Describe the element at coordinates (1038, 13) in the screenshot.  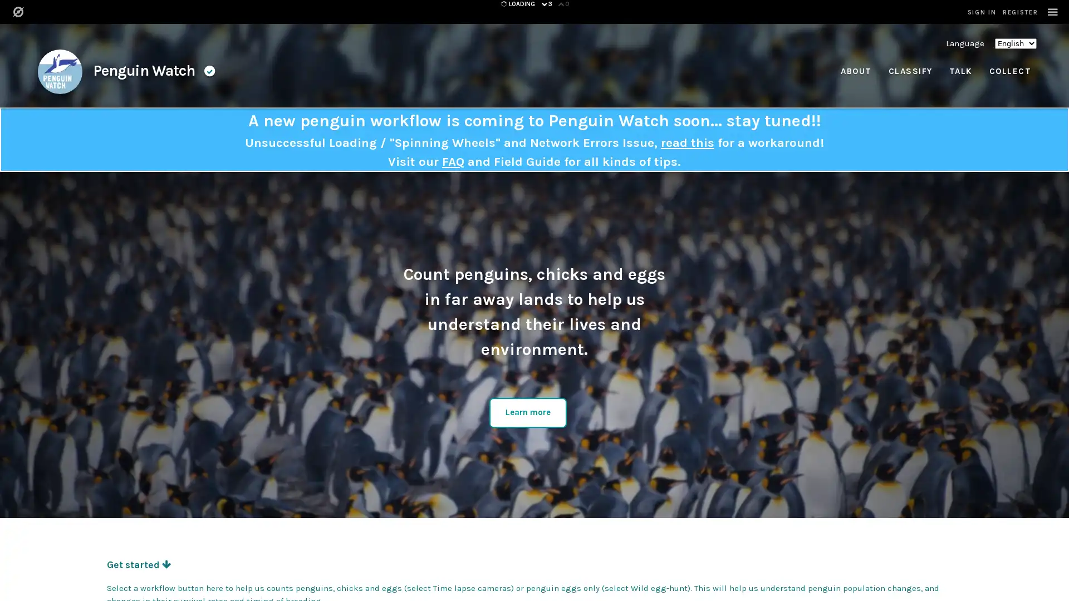
I see `REGISTER` at that location.